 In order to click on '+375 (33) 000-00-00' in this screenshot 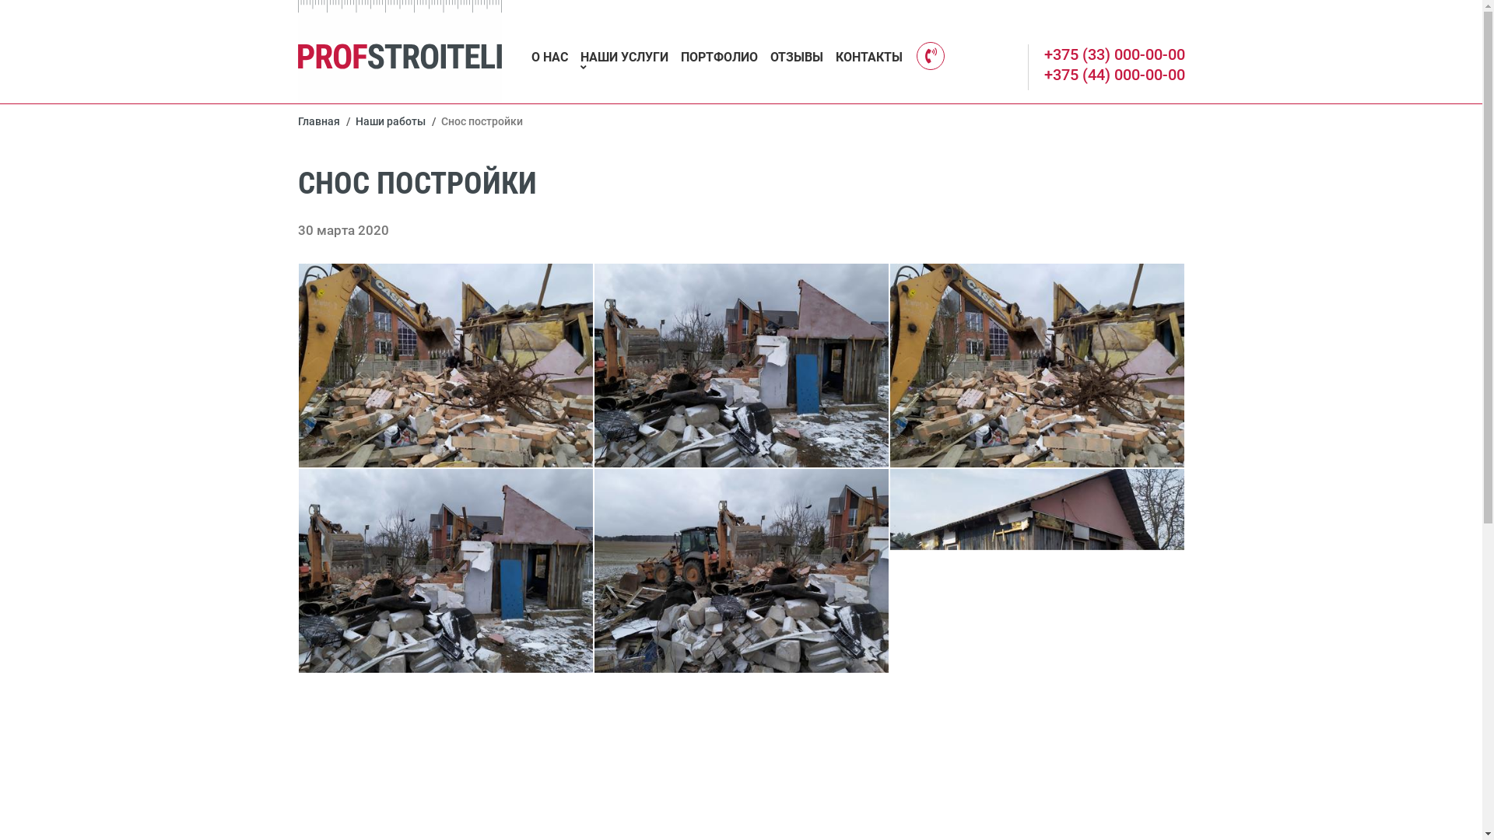, I will do `click(1113, 53)`.